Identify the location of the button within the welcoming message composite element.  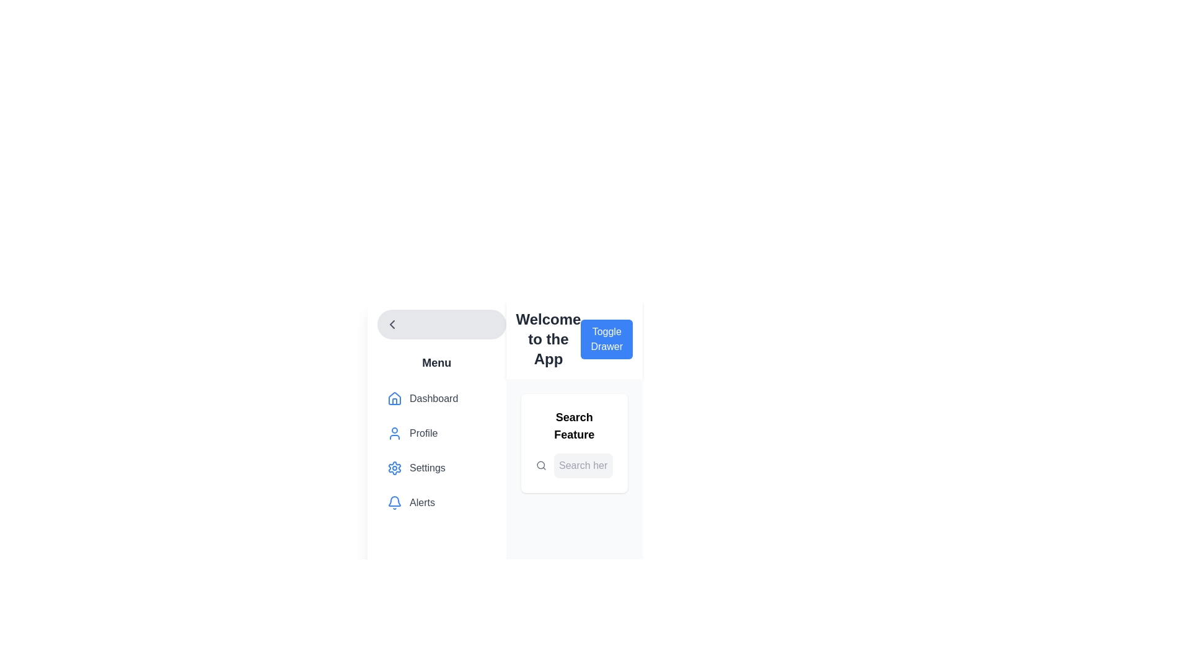
(573, 339).